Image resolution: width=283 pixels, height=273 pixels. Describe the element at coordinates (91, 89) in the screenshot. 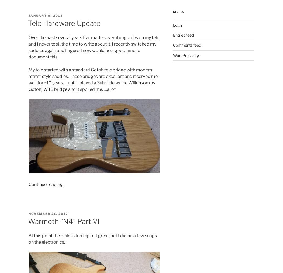

I see `'and it spoiled me. …a lot.'` at that location.